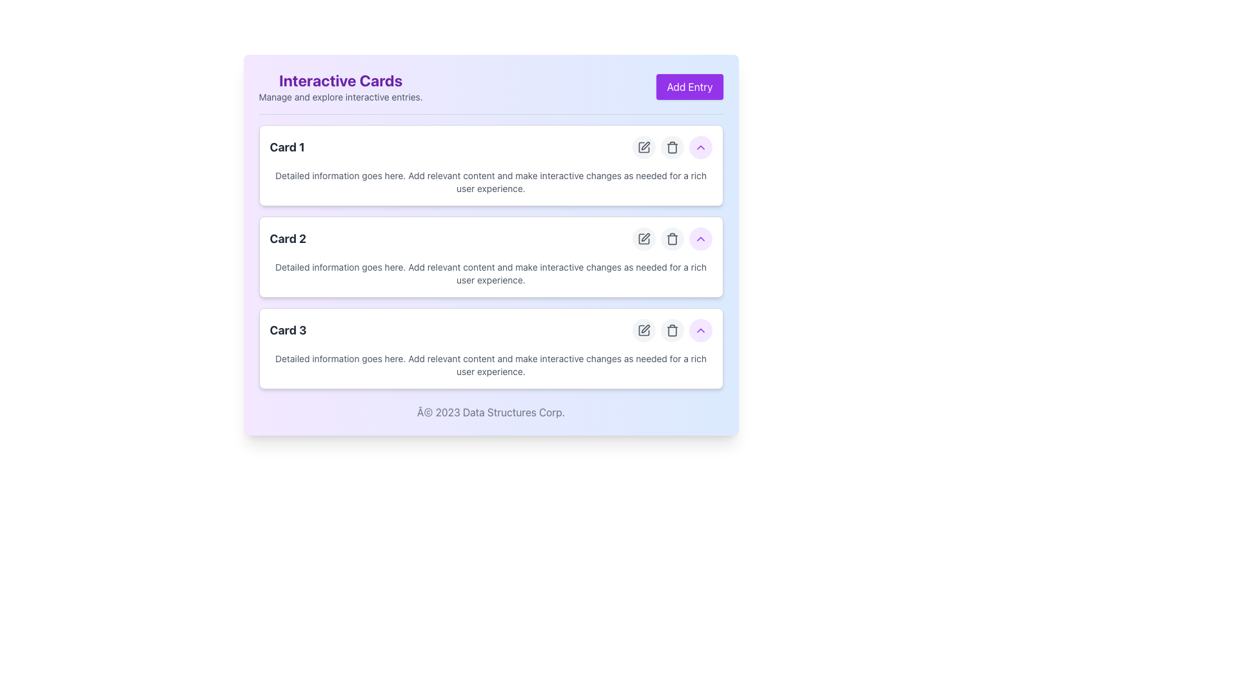  What do you see at coordinates (671, 330) in the screenshot?
I see `the group of action buttons located in the Card 3 section, which includes edit, delete, and collapse functionalities` at bounding box center [671, 330].